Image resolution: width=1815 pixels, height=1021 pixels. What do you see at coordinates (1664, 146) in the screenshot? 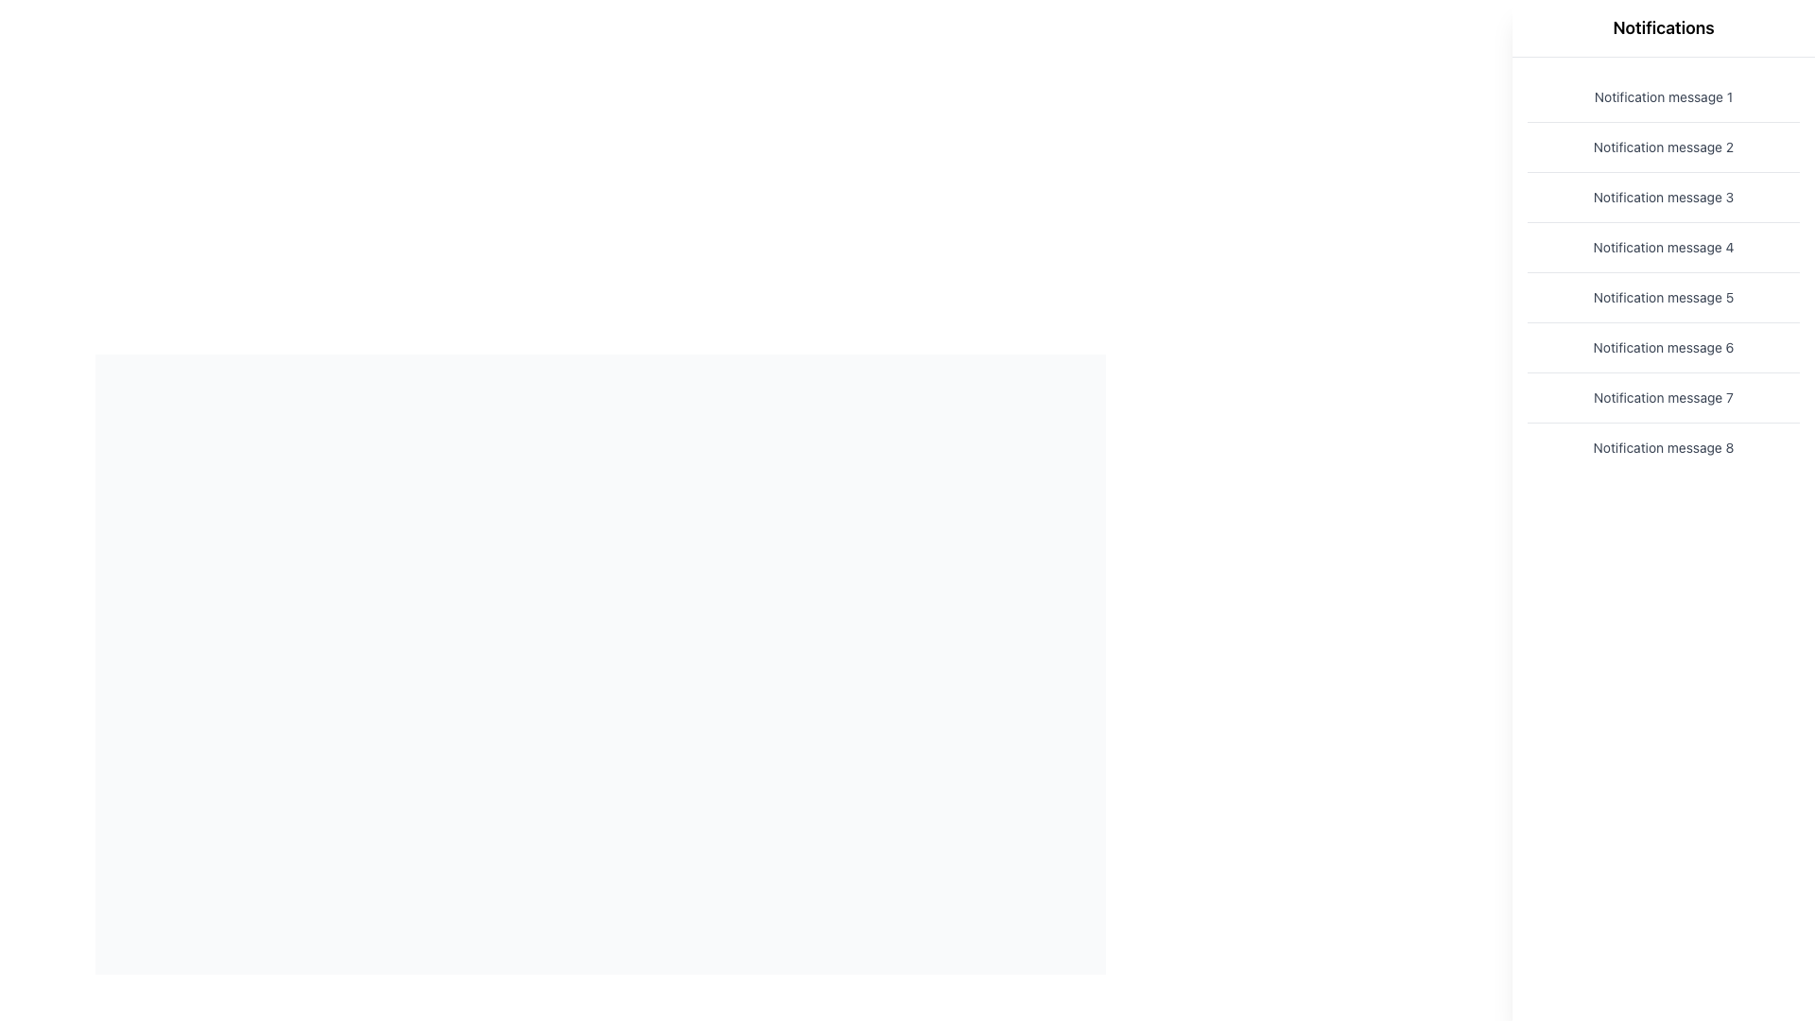
I see `the text label reading 'Notification message 2', which is the second item in a vertical list of notification messages` at bounding box center [1664, 146].